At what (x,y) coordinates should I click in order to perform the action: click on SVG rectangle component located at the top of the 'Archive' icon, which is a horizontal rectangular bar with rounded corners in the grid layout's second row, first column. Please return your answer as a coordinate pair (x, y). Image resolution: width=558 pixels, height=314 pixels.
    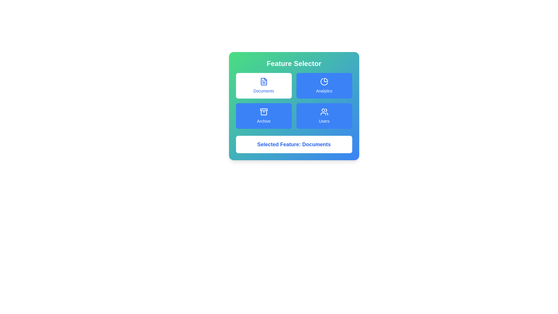
    Looking at the image, I should click on (263, 110).